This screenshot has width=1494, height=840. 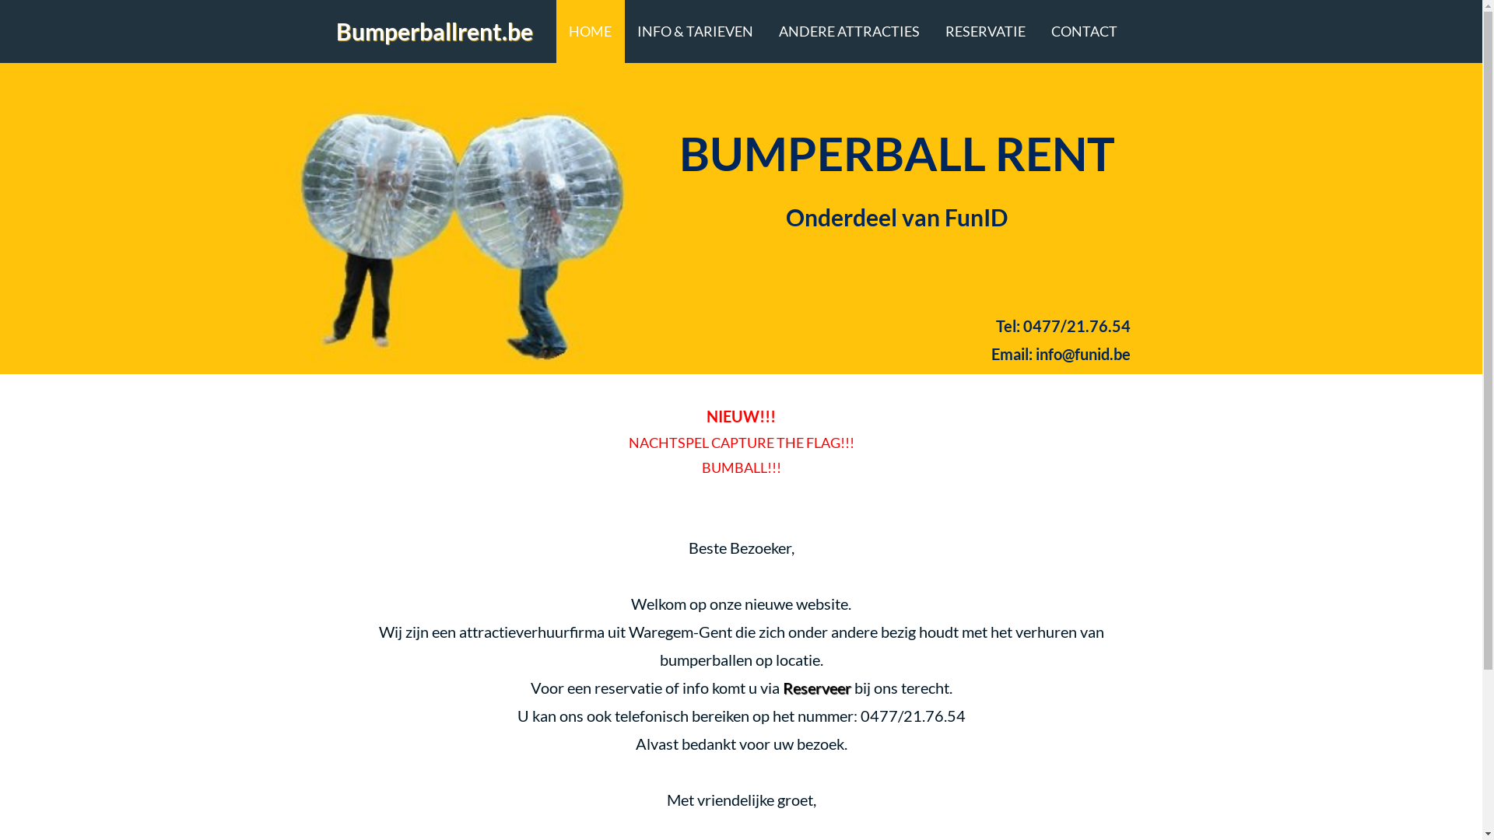 I want to click on 'CONTACT', so click(x=1038, y=31).